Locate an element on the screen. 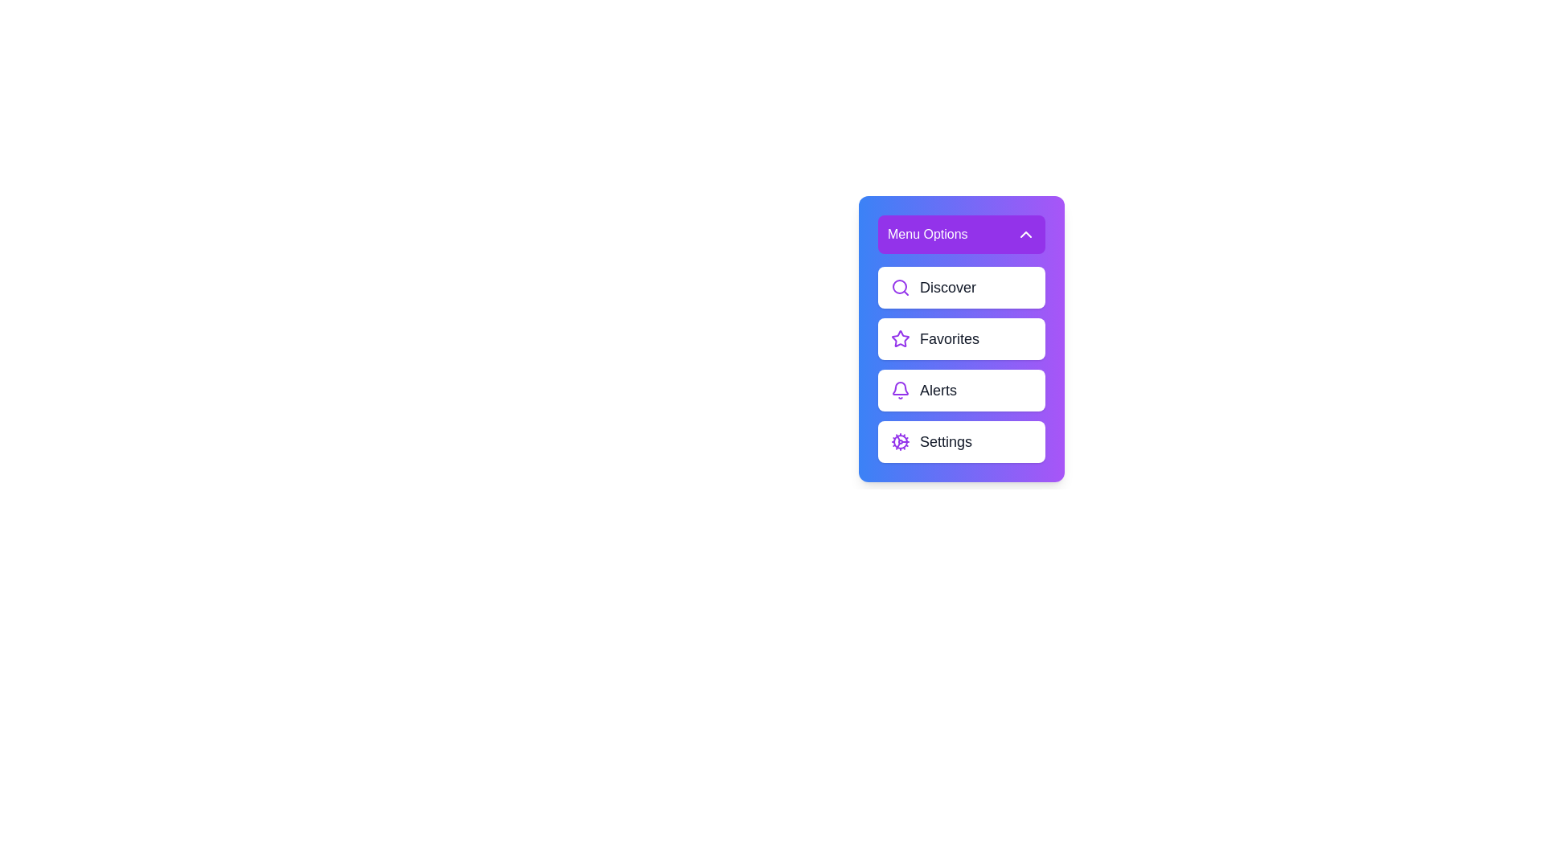  the vertically aligned selection menu item with text and an icon on the left side is located at coordinates (961, 365).